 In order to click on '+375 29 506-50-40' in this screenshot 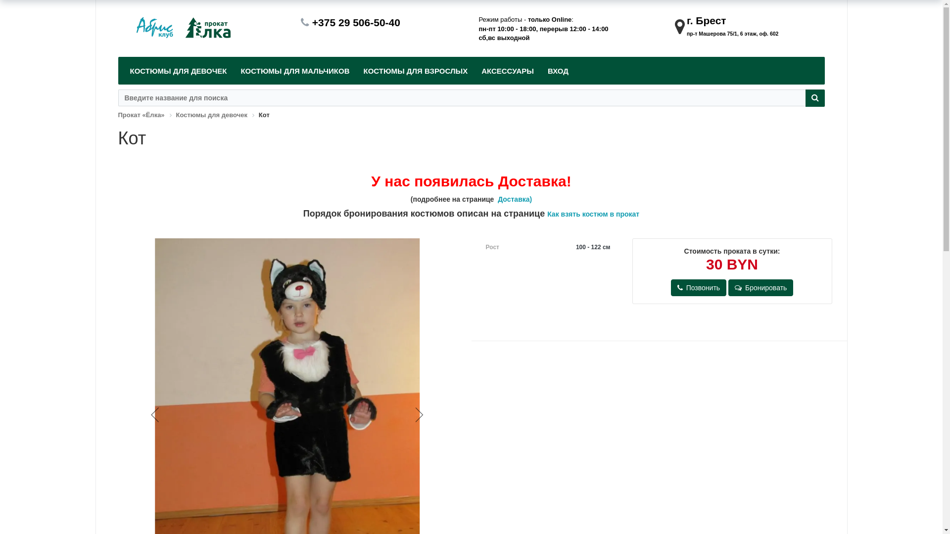, I will do `click(356, 22)`.